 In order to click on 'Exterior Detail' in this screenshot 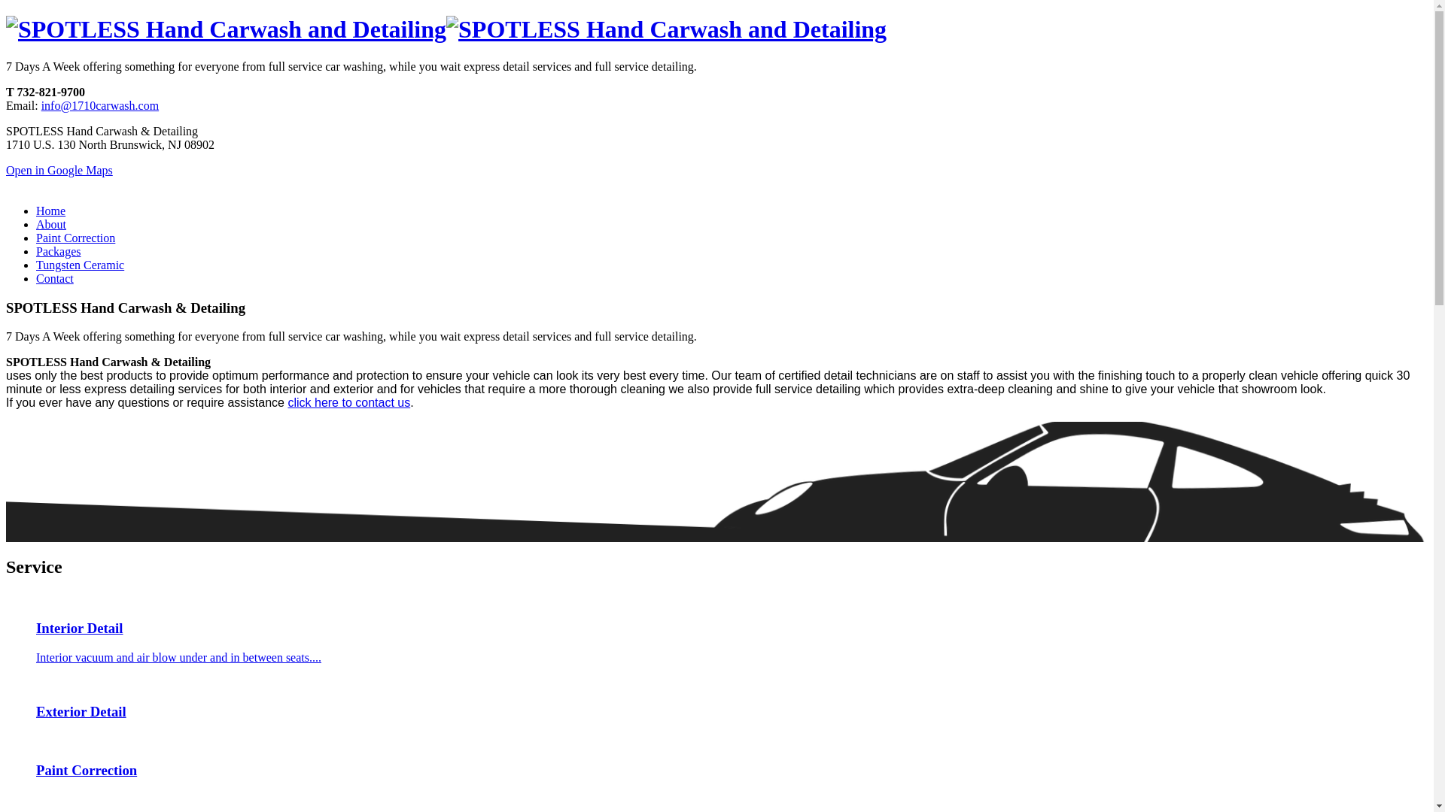, I will do `click(6, 698)`.